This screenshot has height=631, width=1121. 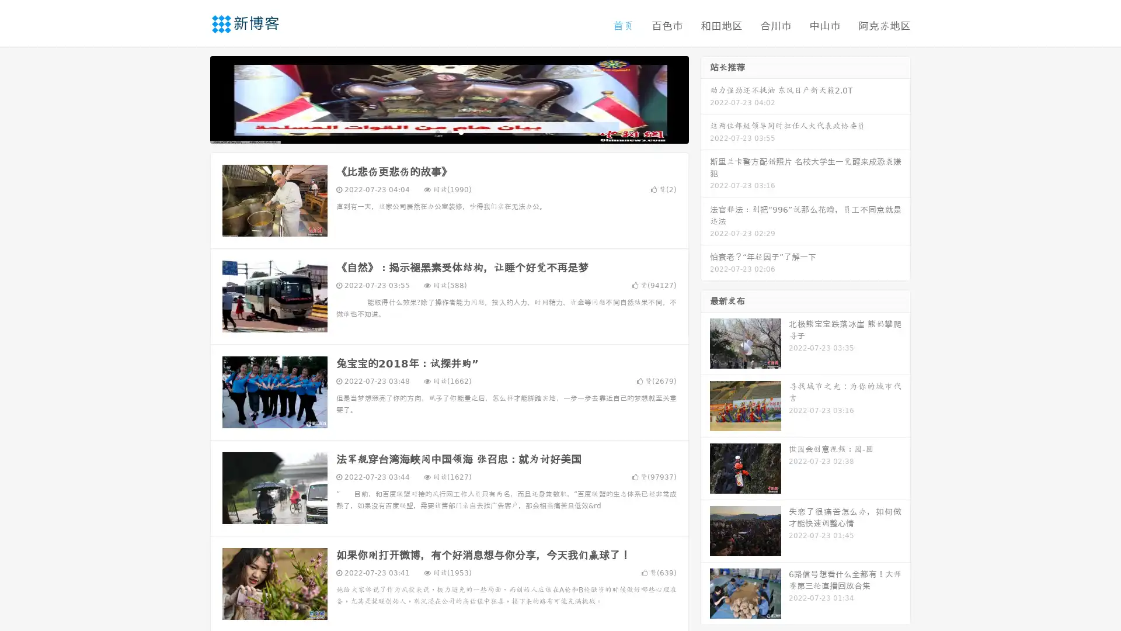 What do you see at coordinates (705, 98) in the screenshot?
I see `Next slide` at bounding box center [705, 98].